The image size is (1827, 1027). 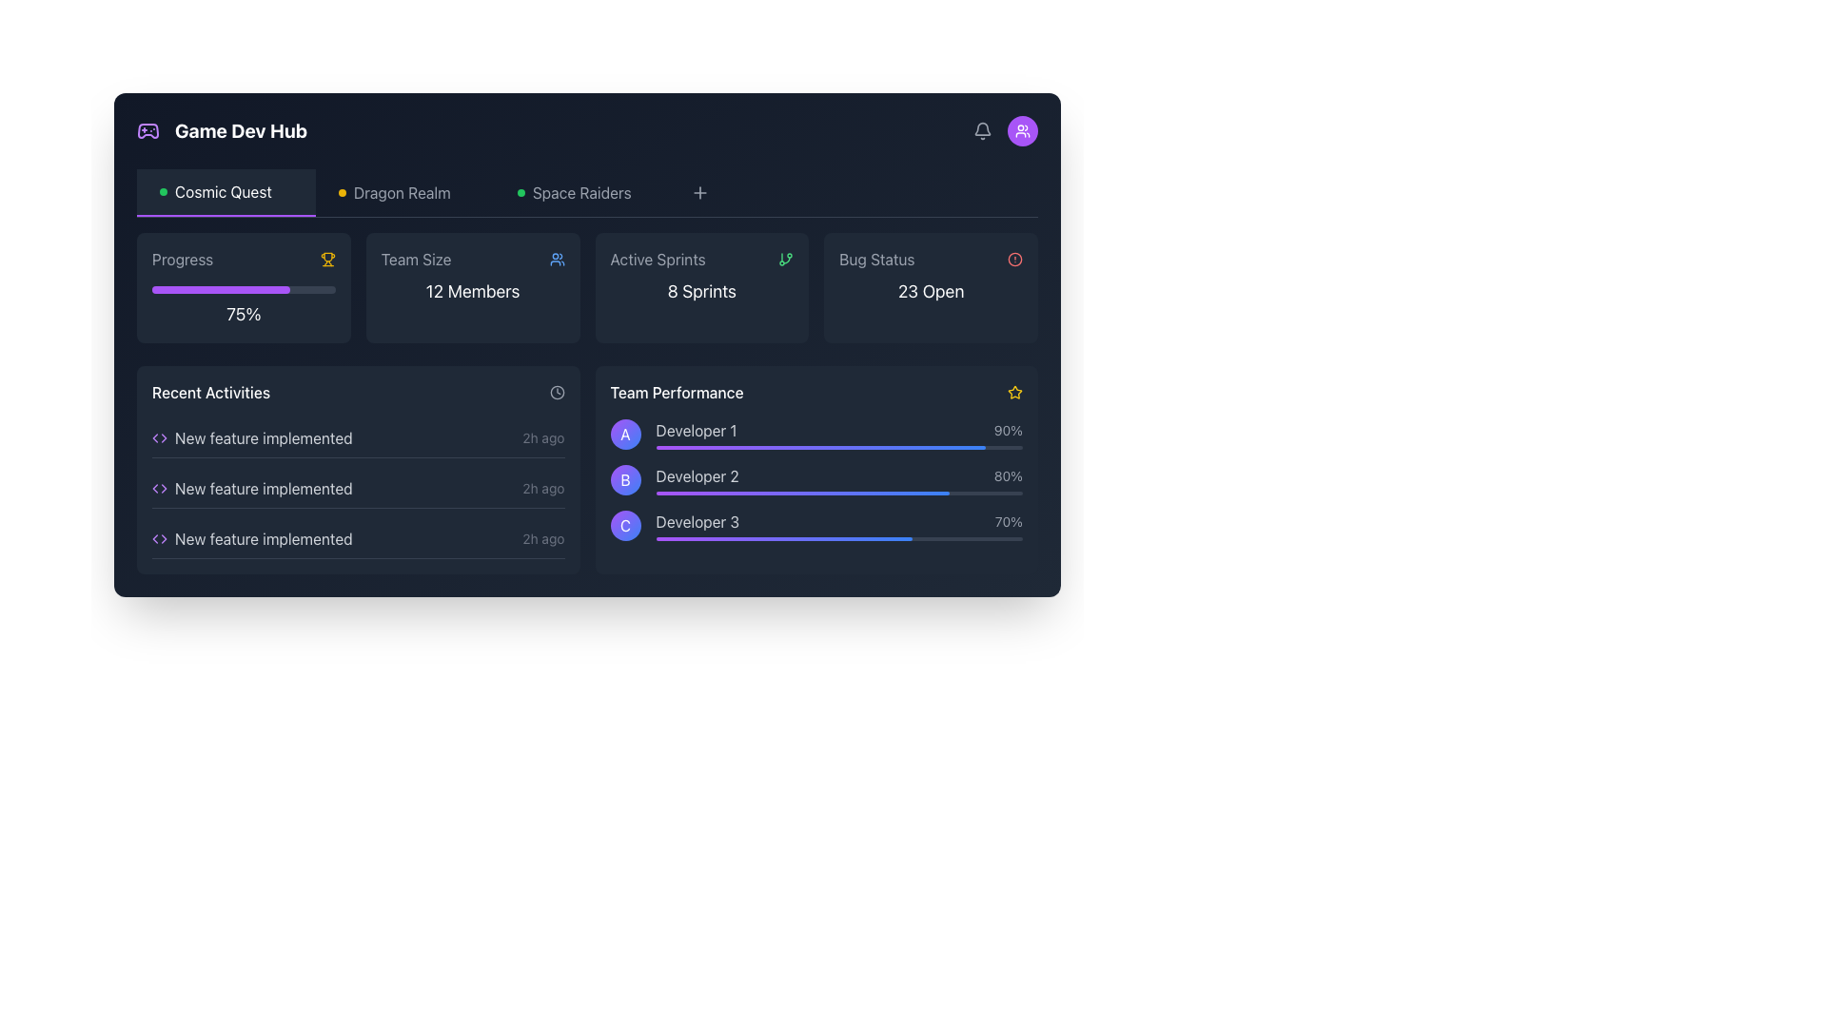 I want to click on the circular clock icon located in the top-right corner of the 'Recent Activities' section, so click(x=556, y=391).